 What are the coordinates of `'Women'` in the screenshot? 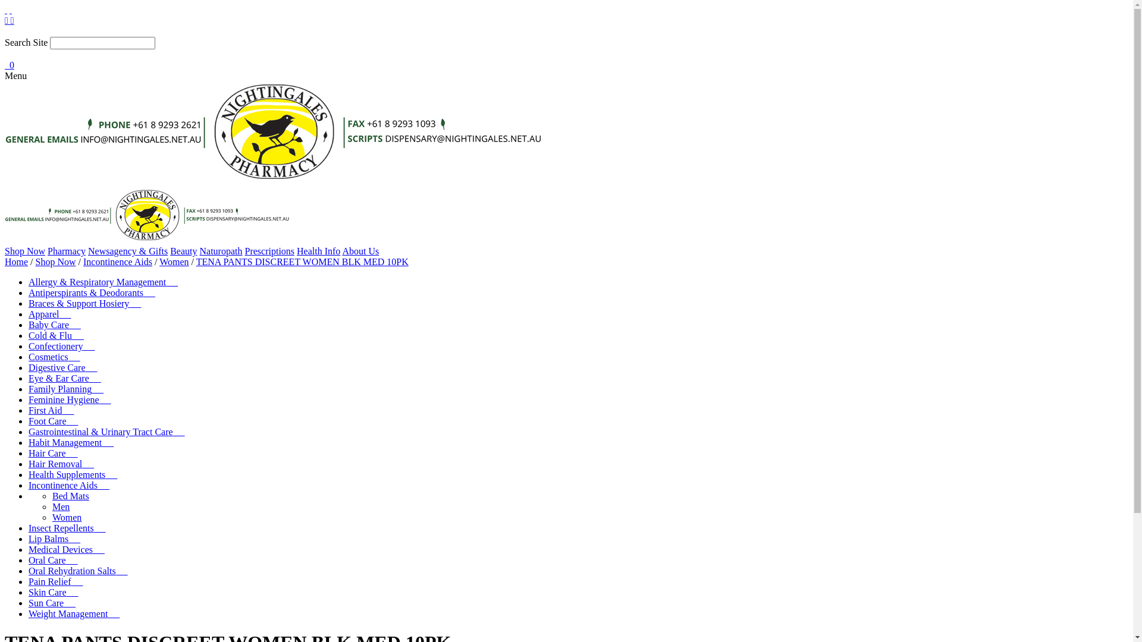 It's located at (173, 261).